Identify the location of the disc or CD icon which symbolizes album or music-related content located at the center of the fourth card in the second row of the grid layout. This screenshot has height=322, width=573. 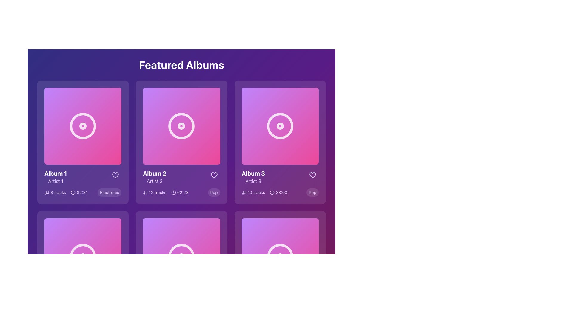
(83, 256).